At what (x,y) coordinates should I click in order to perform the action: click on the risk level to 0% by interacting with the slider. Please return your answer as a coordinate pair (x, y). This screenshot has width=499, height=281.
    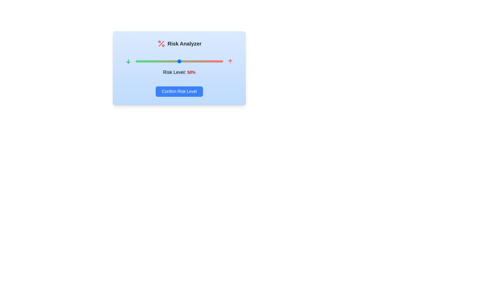
    Looking at the image, I should click on (136, 61).